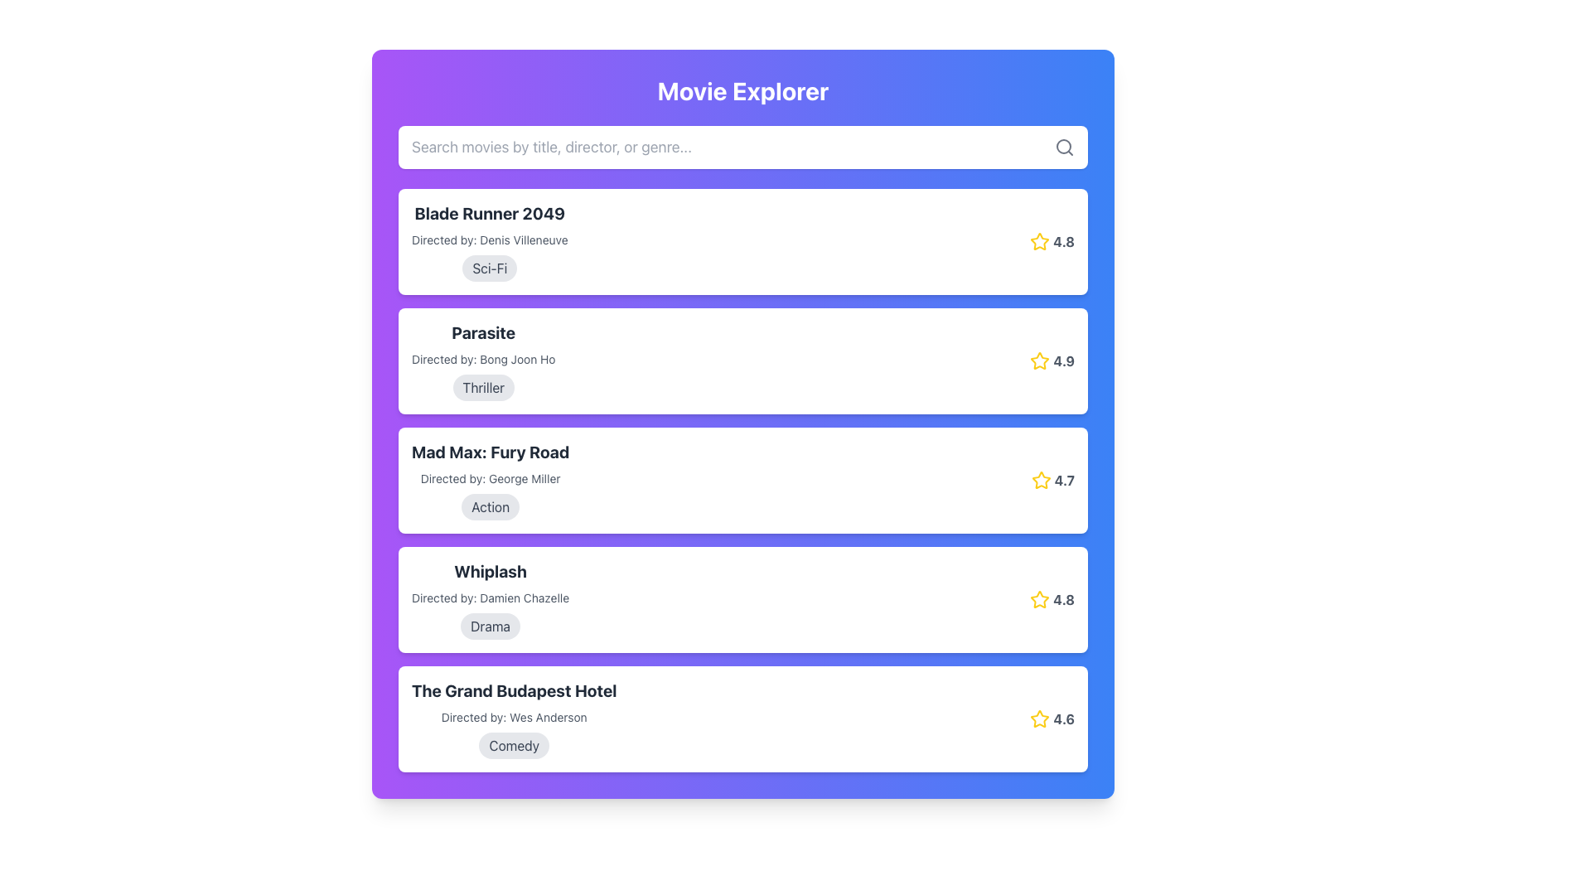 Image resolution: width=1591 pixels, height=895 pixels. What do you see at coordinates (1052, 242) in the screenshot?
I see `rating value displayed in the rating widget for the movie 'Blade Runner 2049', which is located on the right-hand side of the movie display card, near the top-right corner` at bounding box center [1052, 242].